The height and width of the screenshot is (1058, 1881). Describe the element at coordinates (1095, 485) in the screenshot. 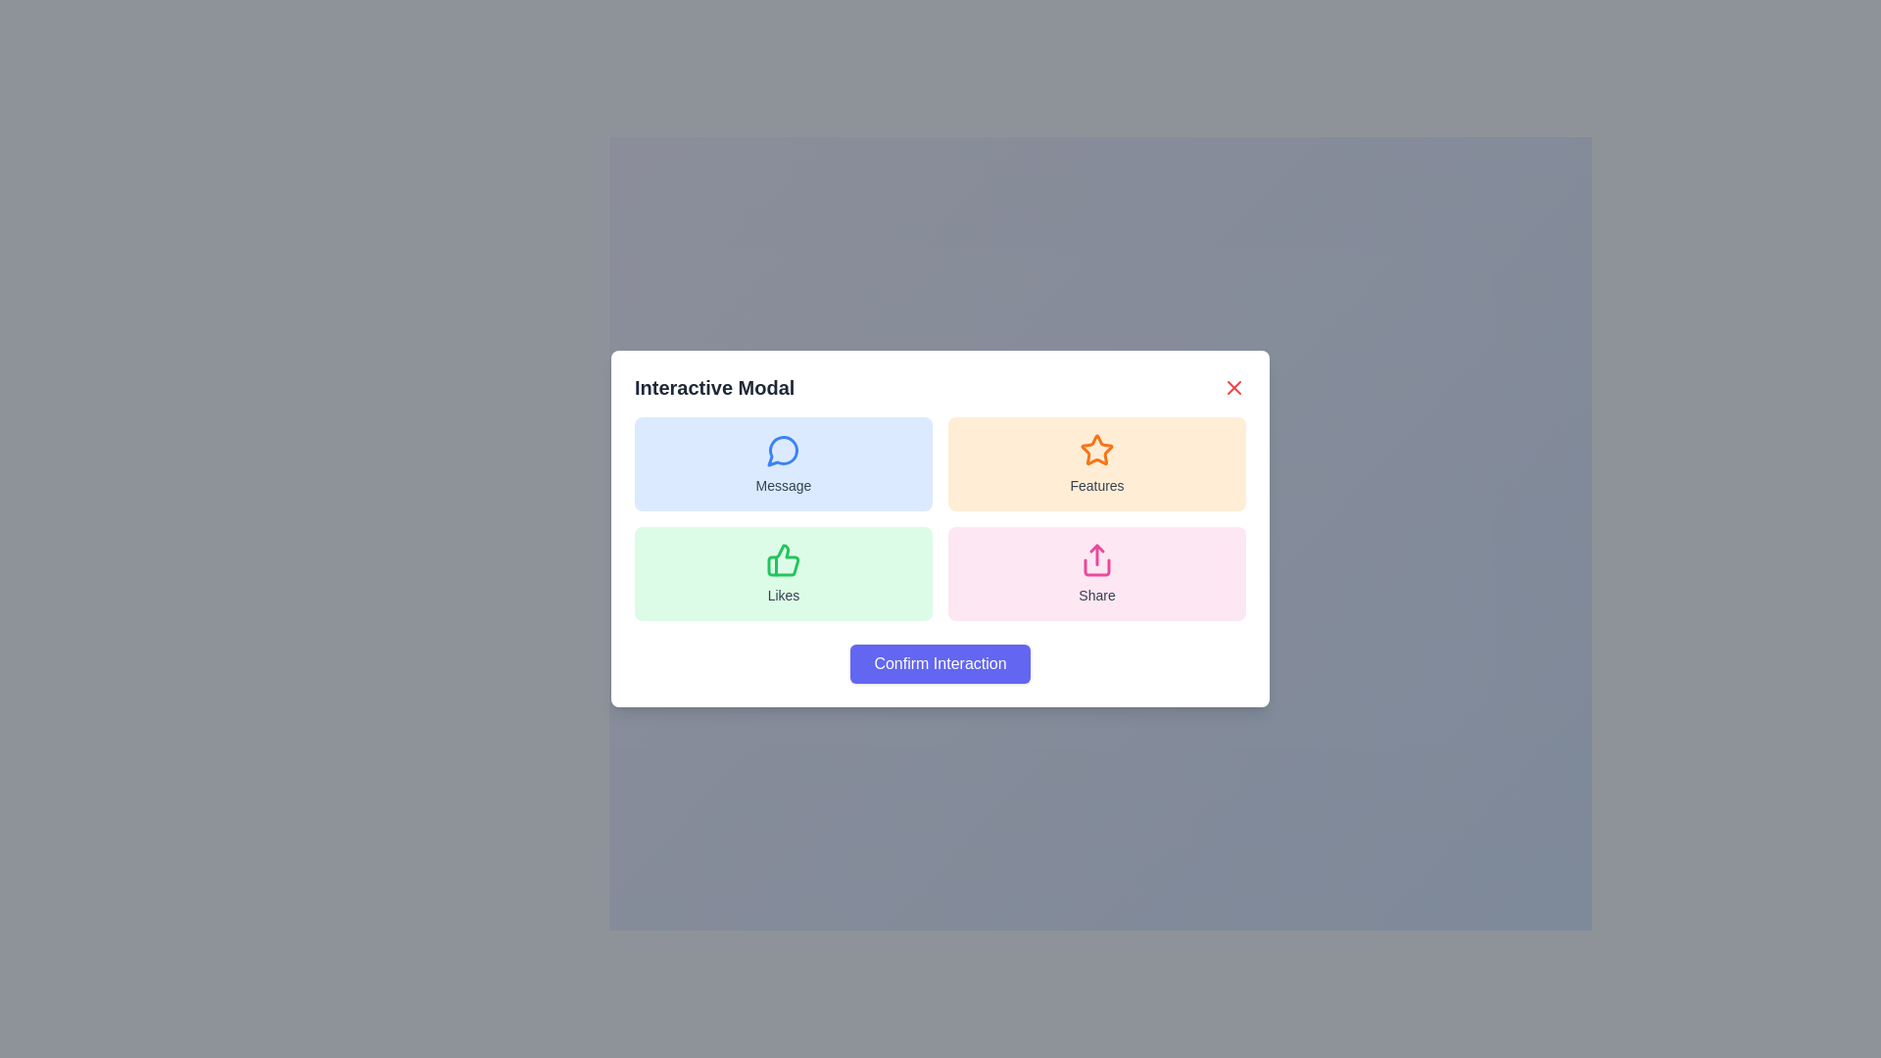

I see `the 'Features' text label, which is positioned at the bottom-center of a rounded orange background box in the top-right of the modal, directly beneath an orange star icon` at that location.